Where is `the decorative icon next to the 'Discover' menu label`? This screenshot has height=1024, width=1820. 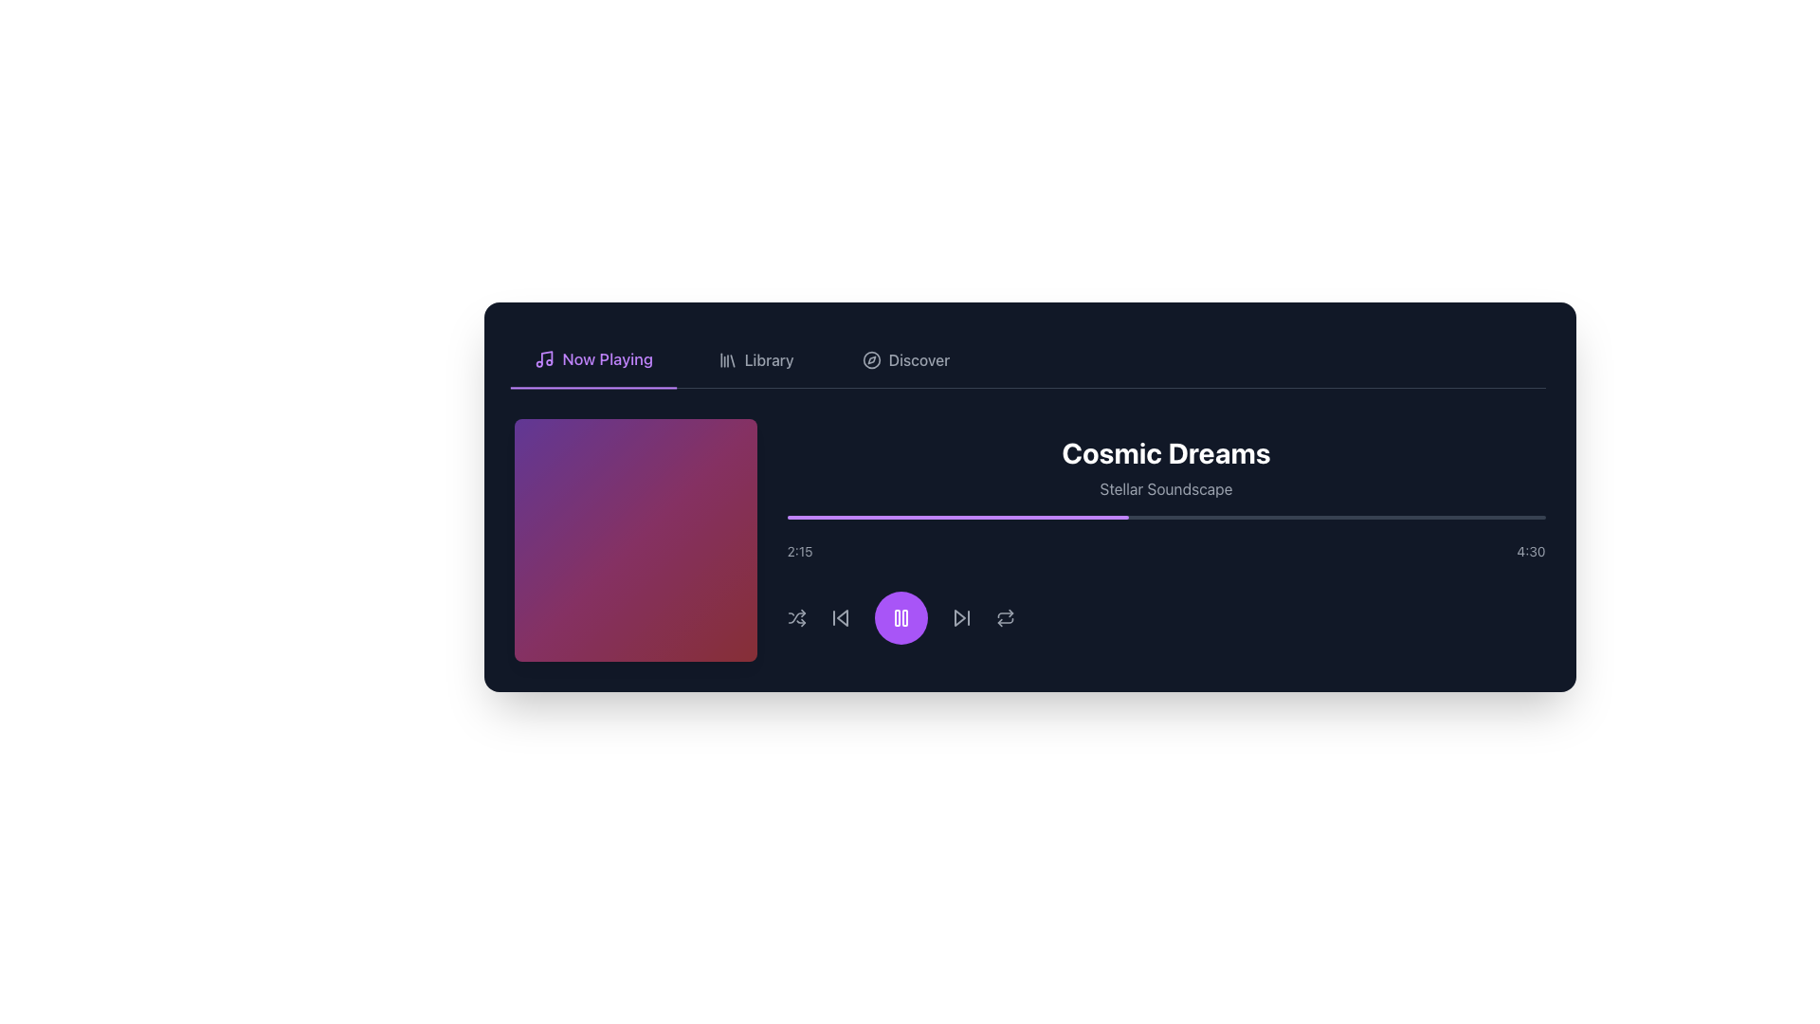 the decorative icon next to the 'Discover' menu label is located at coordinates (870, 360).